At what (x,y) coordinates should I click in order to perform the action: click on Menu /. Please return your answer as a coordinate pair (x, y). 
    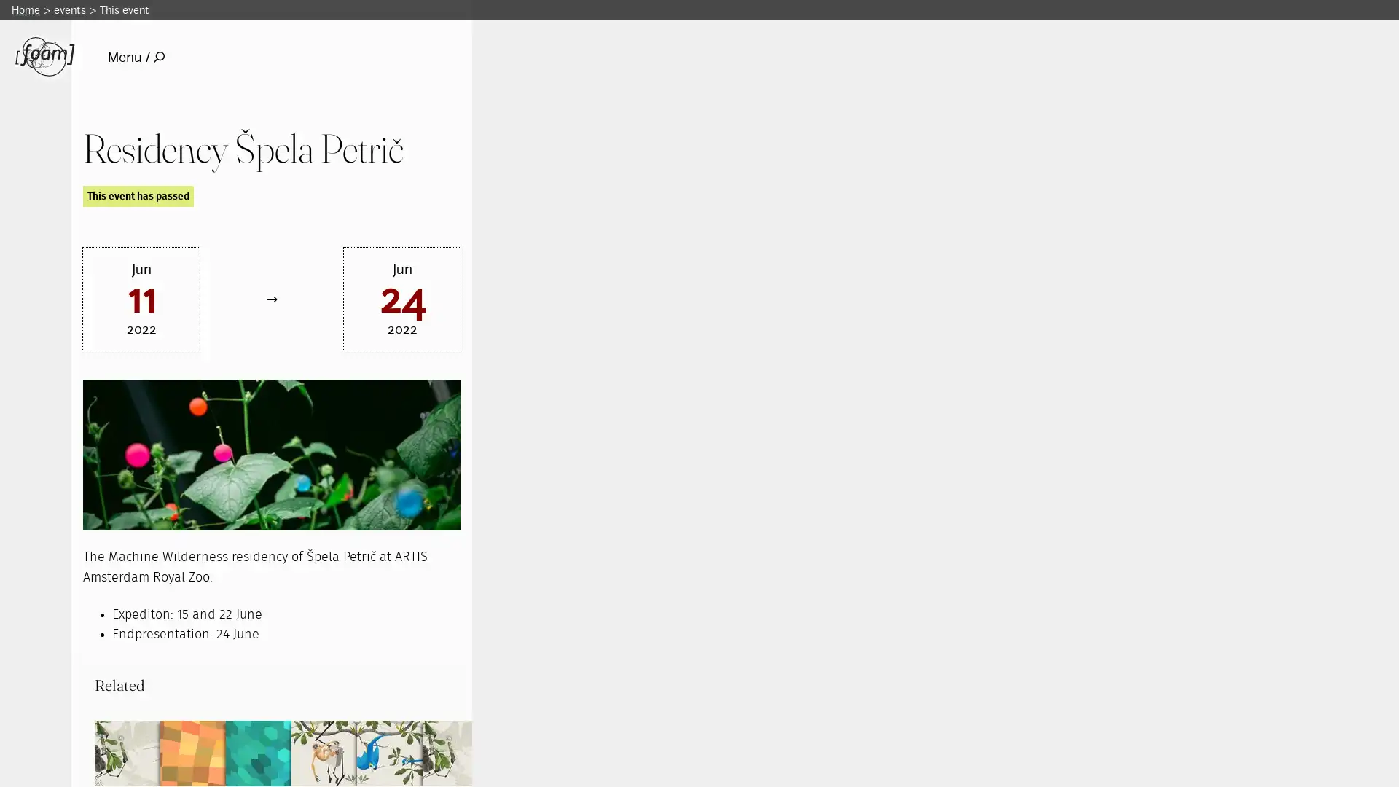
    Looking at the image, I should click on (136, 56).